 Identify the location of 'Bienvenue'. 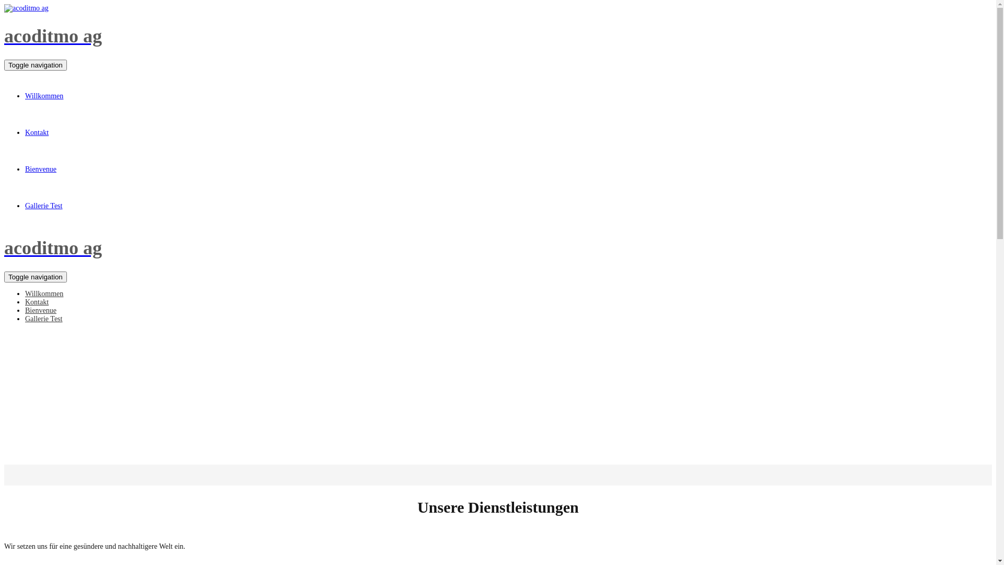
(40, 169).